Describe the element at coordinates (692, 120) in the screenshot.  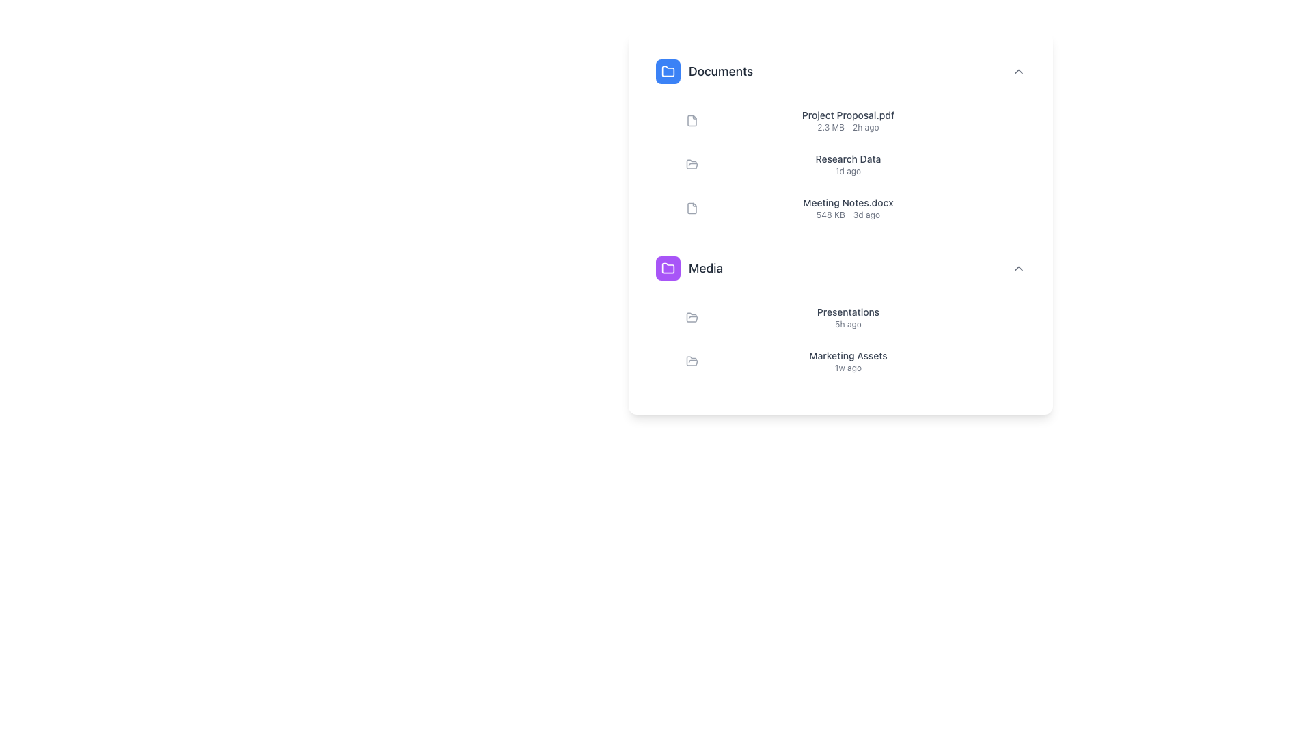
I see `the file icon located next to the 'Project Proposal.pdf' entry in the 'Documents' section` at that location.